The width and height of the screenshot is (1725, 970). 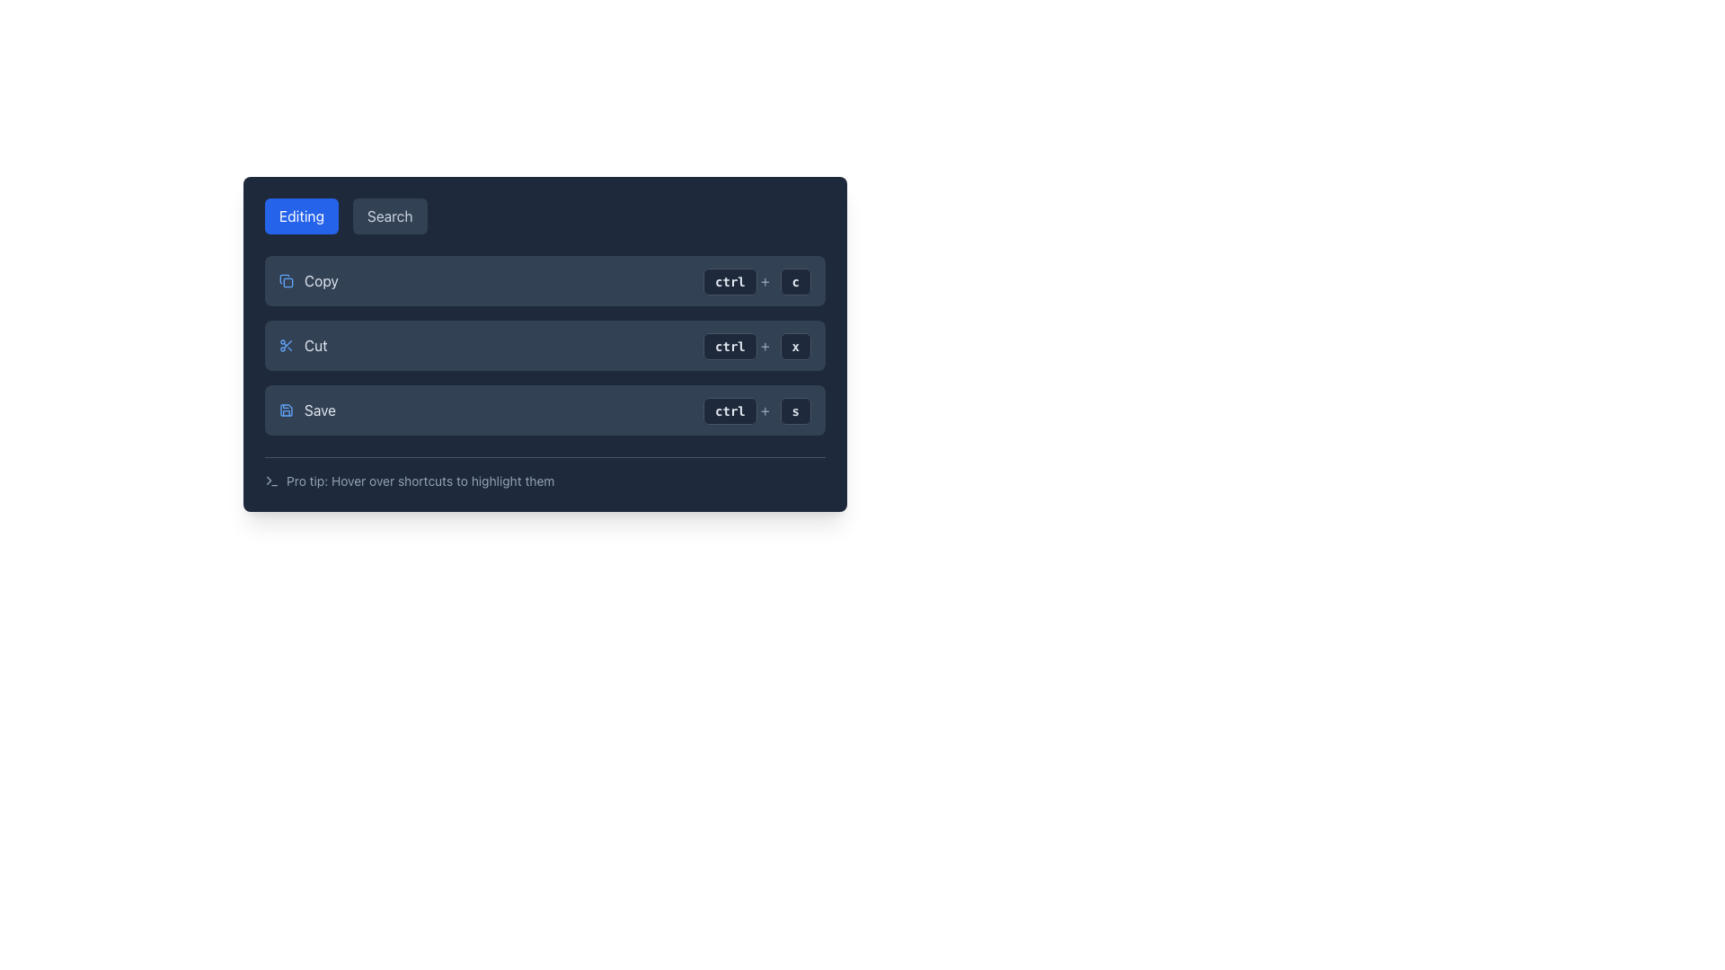 What do you see at coordinates (308, 280) in the screenshot?
I see `the 'Copy' text label with an icon, which is the first element in a vertical list featuring a light blue 'Copy' text and a blue icon of overlapping squares on a dark background` at bounding box center [308, 280].